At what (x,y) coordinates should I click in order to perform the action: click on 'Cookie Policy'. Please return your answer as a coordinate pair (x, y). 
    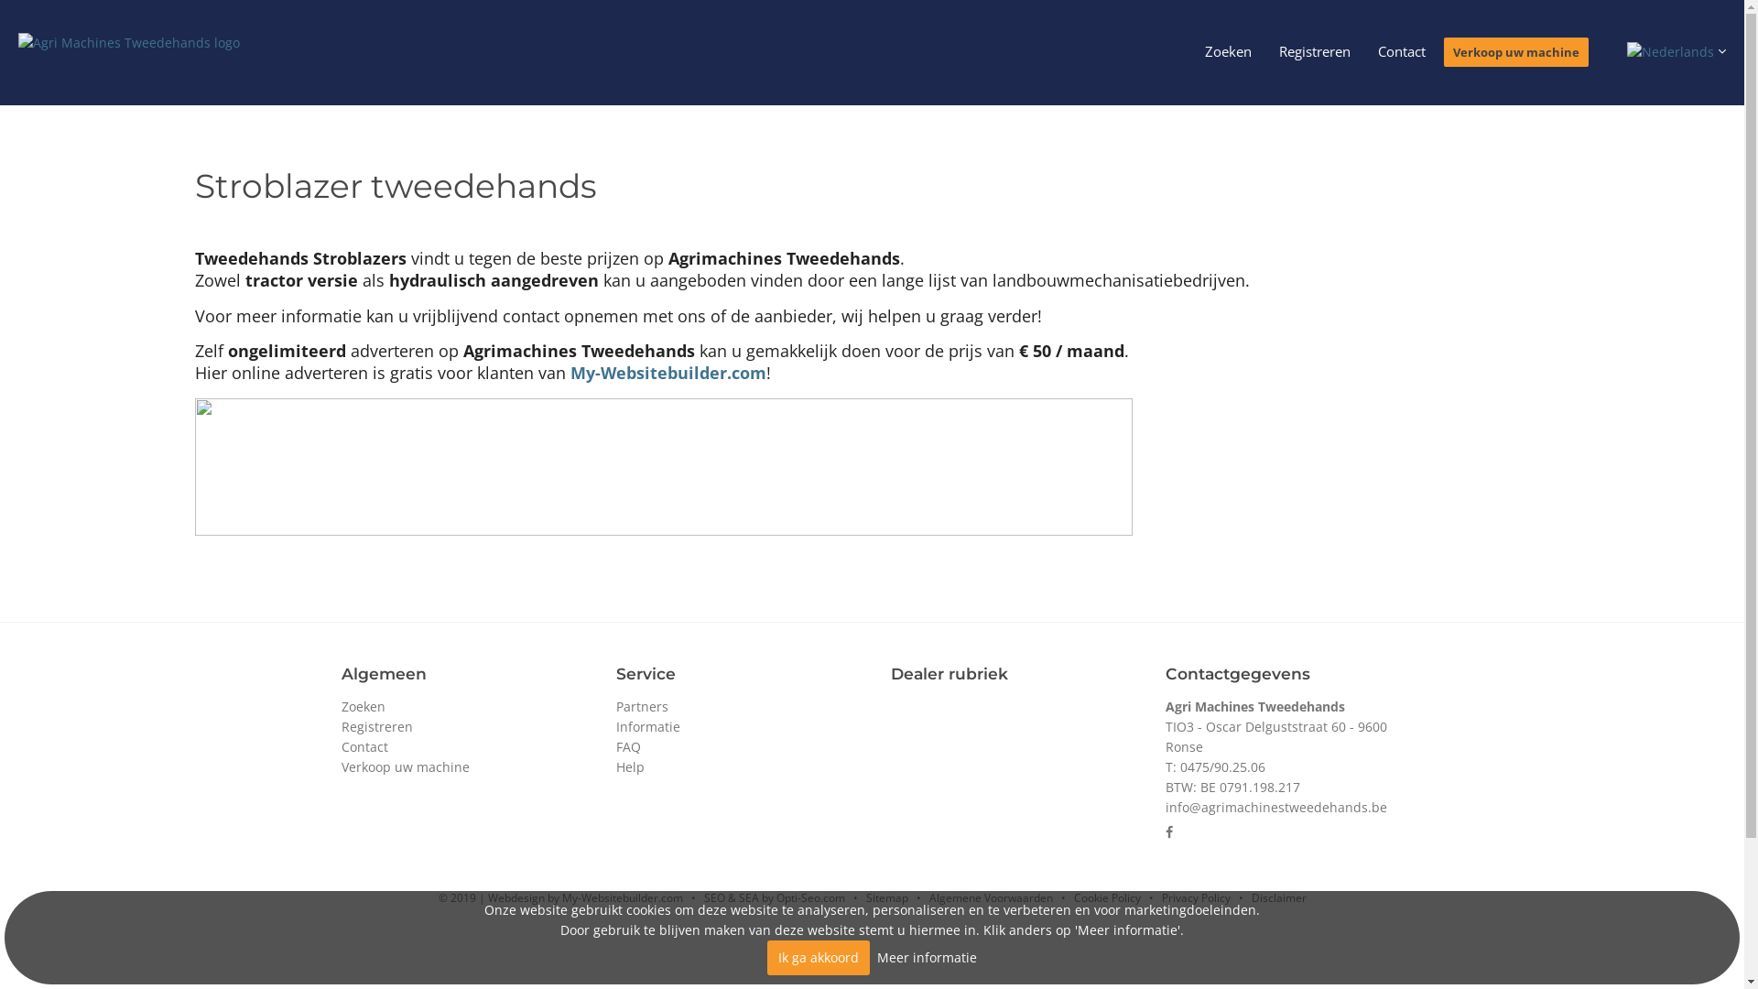
    Looking at the image, I should click on (1105, 897).